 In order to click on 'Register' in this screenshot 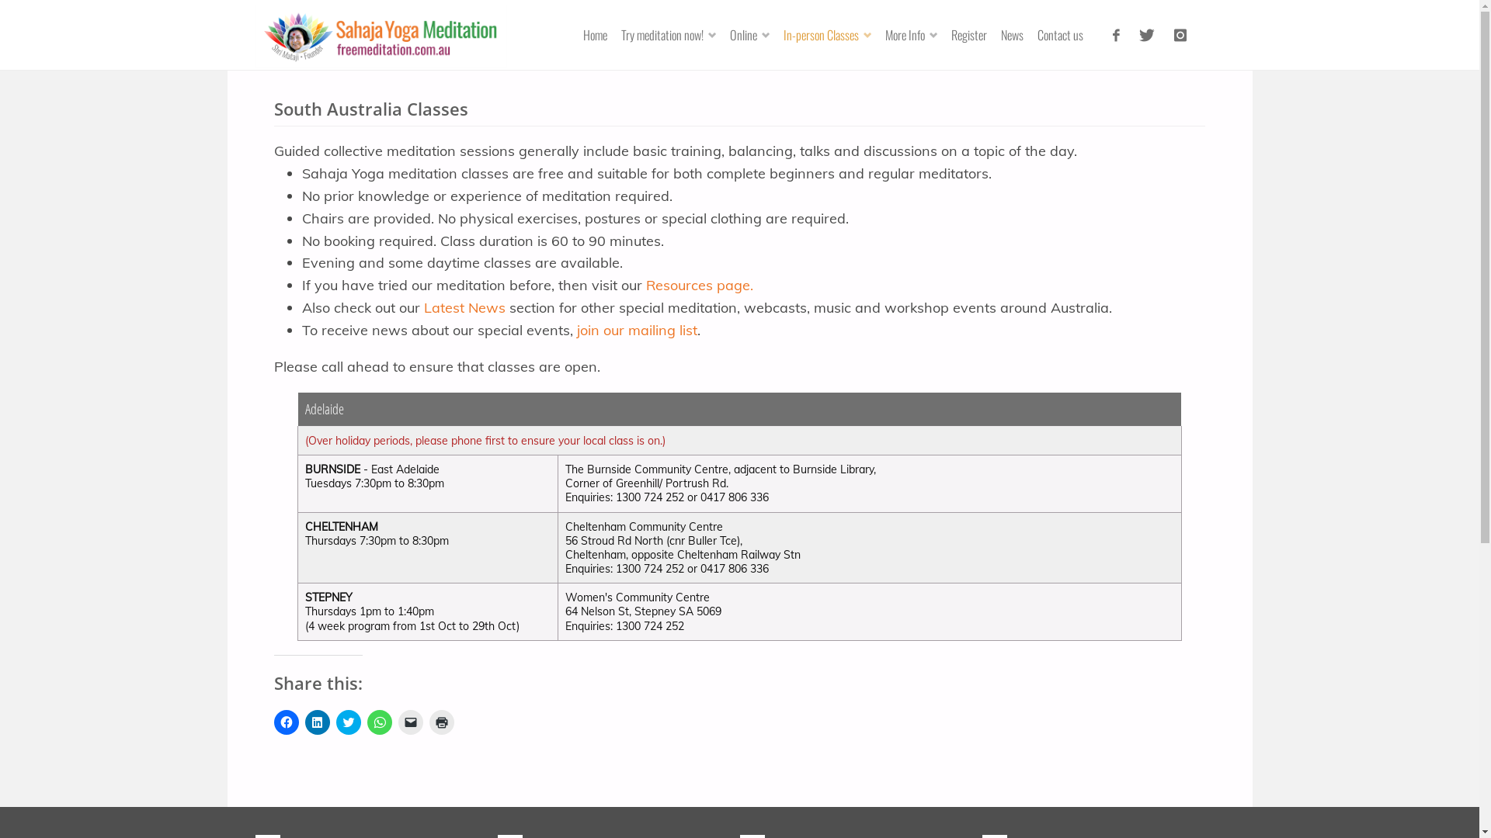, I will do `click(975, 35)`.